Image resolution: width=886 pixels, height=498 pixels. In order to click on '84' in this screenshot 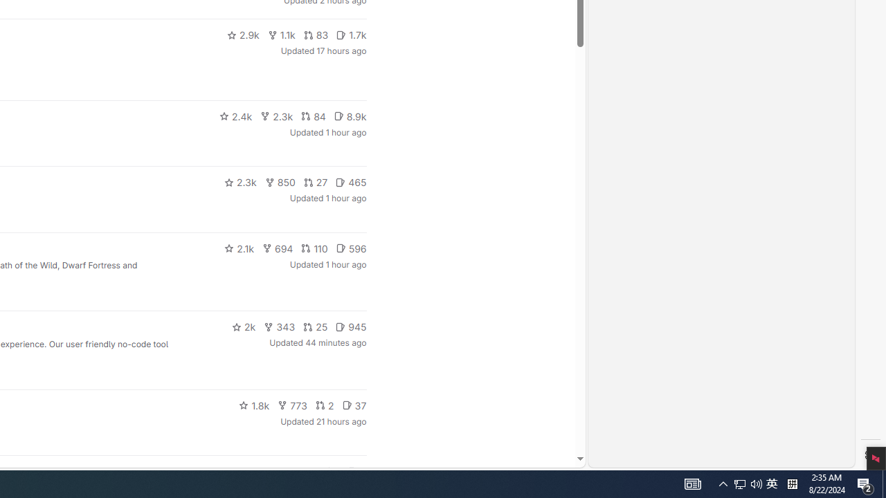, I will do `click(313, 116)`.